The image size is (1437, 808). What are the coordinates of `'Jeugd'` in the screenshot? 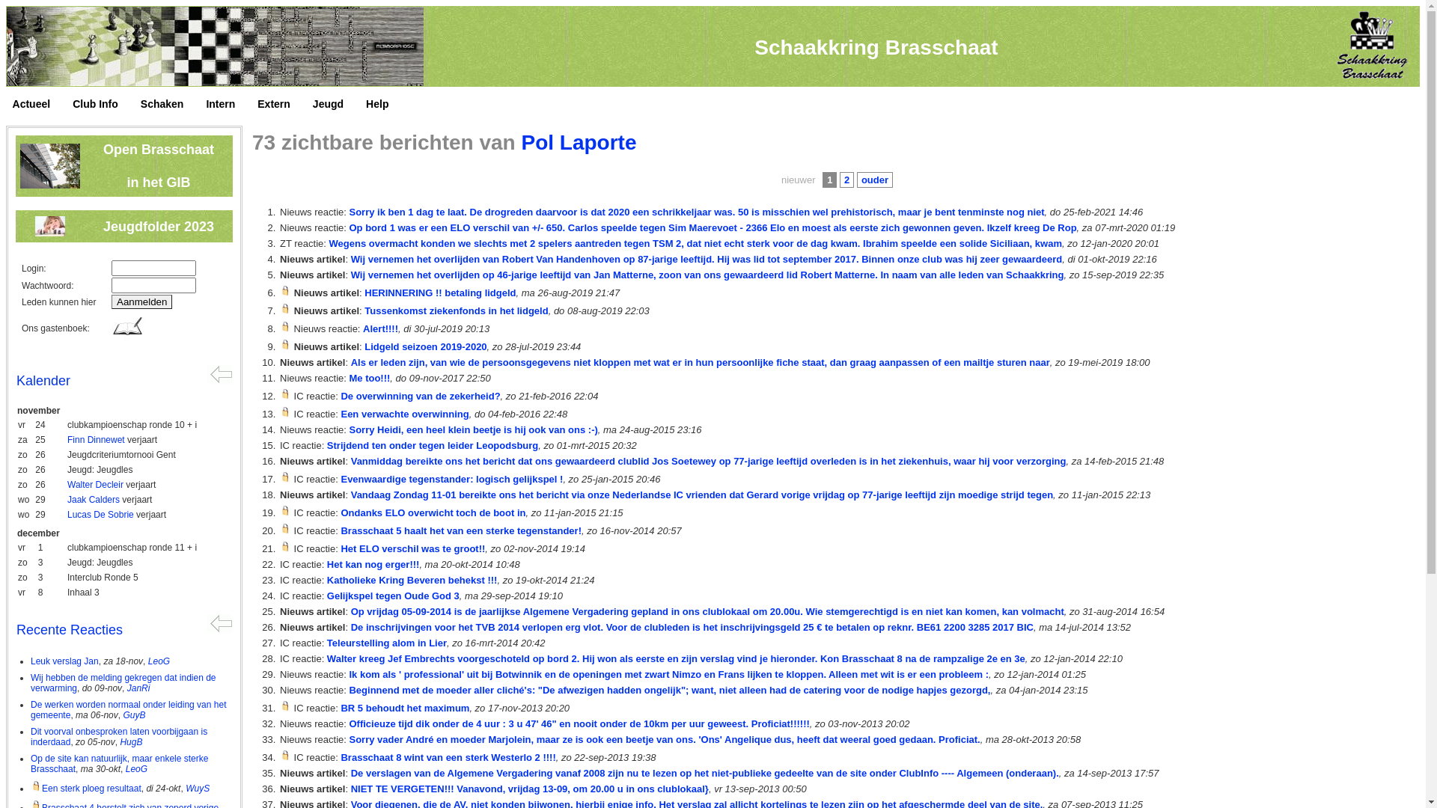 It's located at (335, 104).